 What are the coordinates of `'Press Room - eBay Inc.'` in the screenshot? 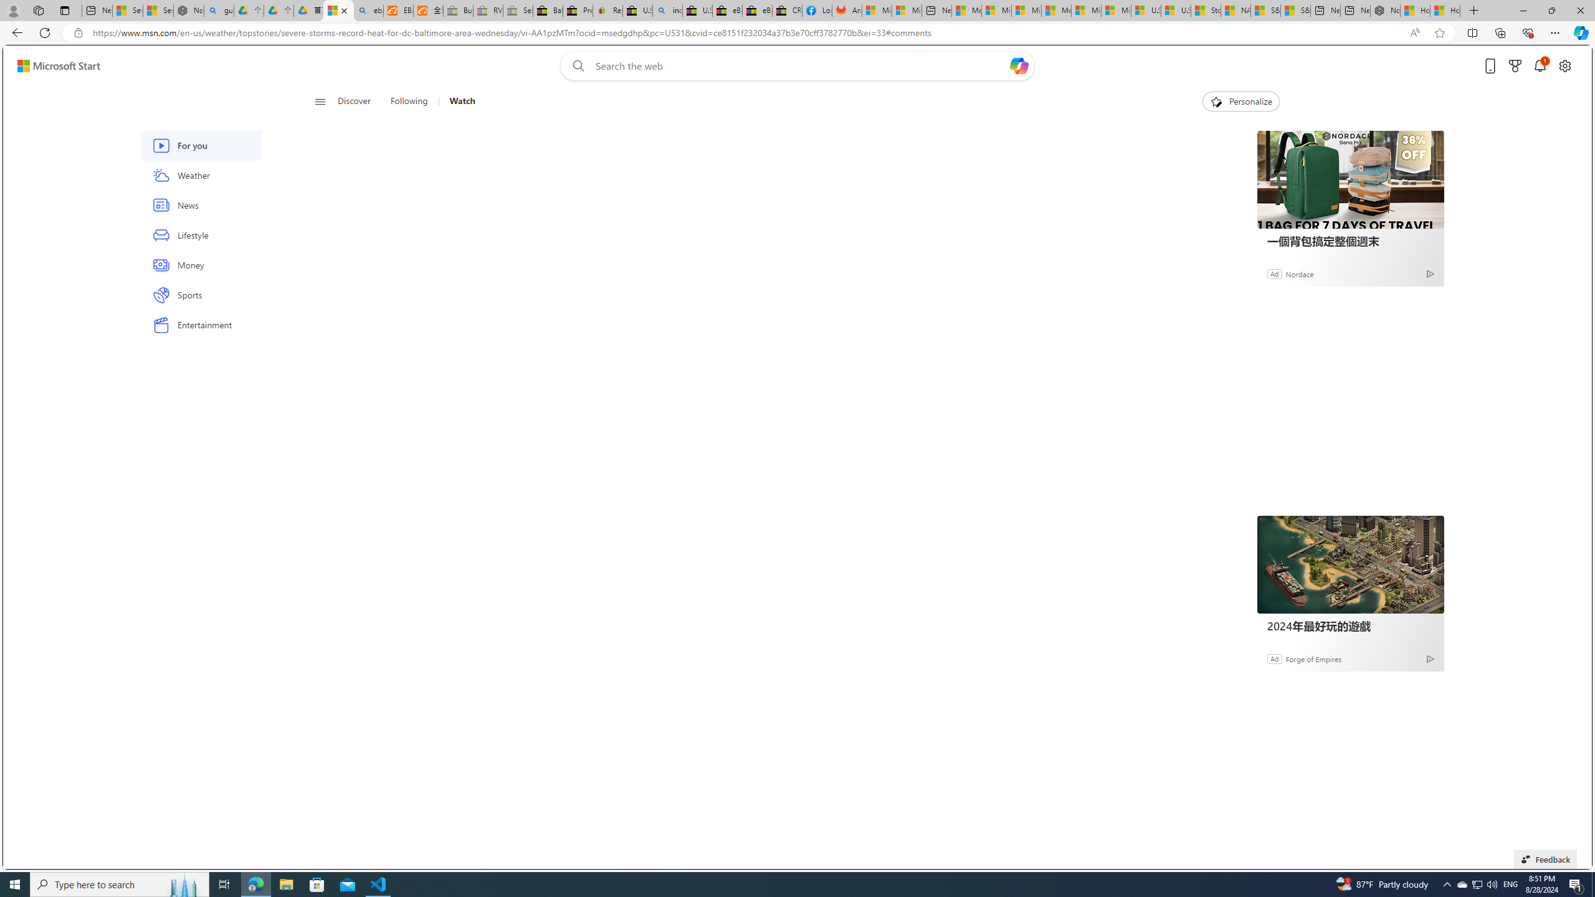 It's located at (578, 10).